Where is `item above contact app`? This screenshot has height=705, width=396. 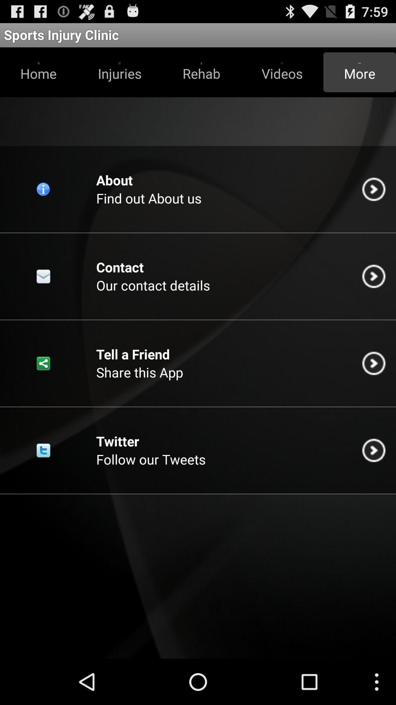 item above contact app is located at coordinates (148, 198).